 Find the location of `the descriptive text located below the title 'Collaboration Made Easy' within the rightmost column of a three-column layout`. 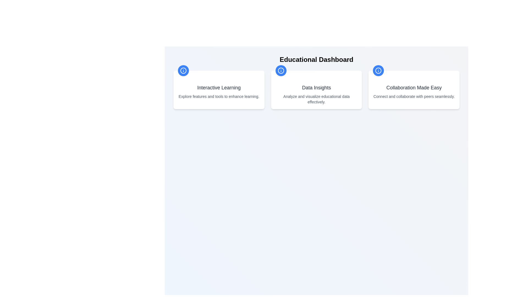

the descriptive text located below the title 'Collaboration Made Easy' within the rightmost column of a three-column layout is located at coordinates (414, 96).